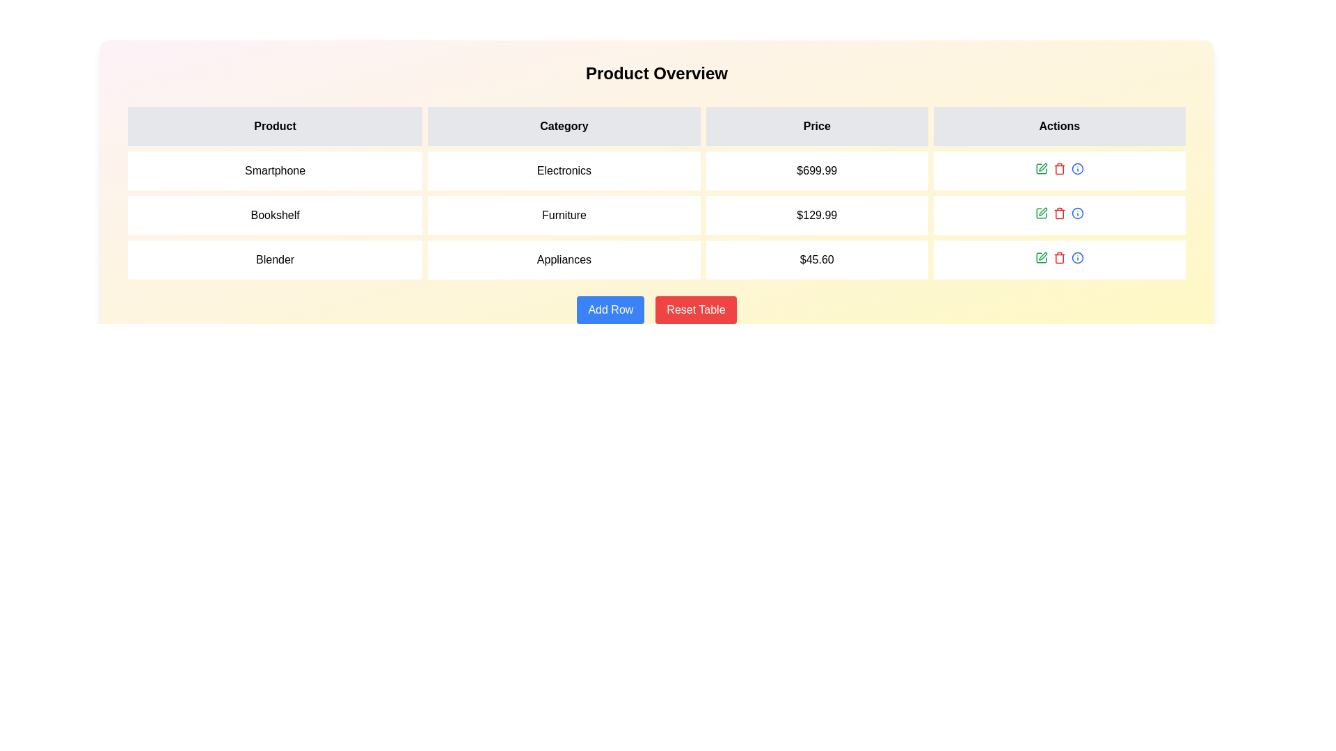 The width and height of the screenshot is (1336, 751). I want to click on the table row containing 'Blender', 'Appliances', and '$45.60' in the 'Product Overview' section, so click(656, 260).